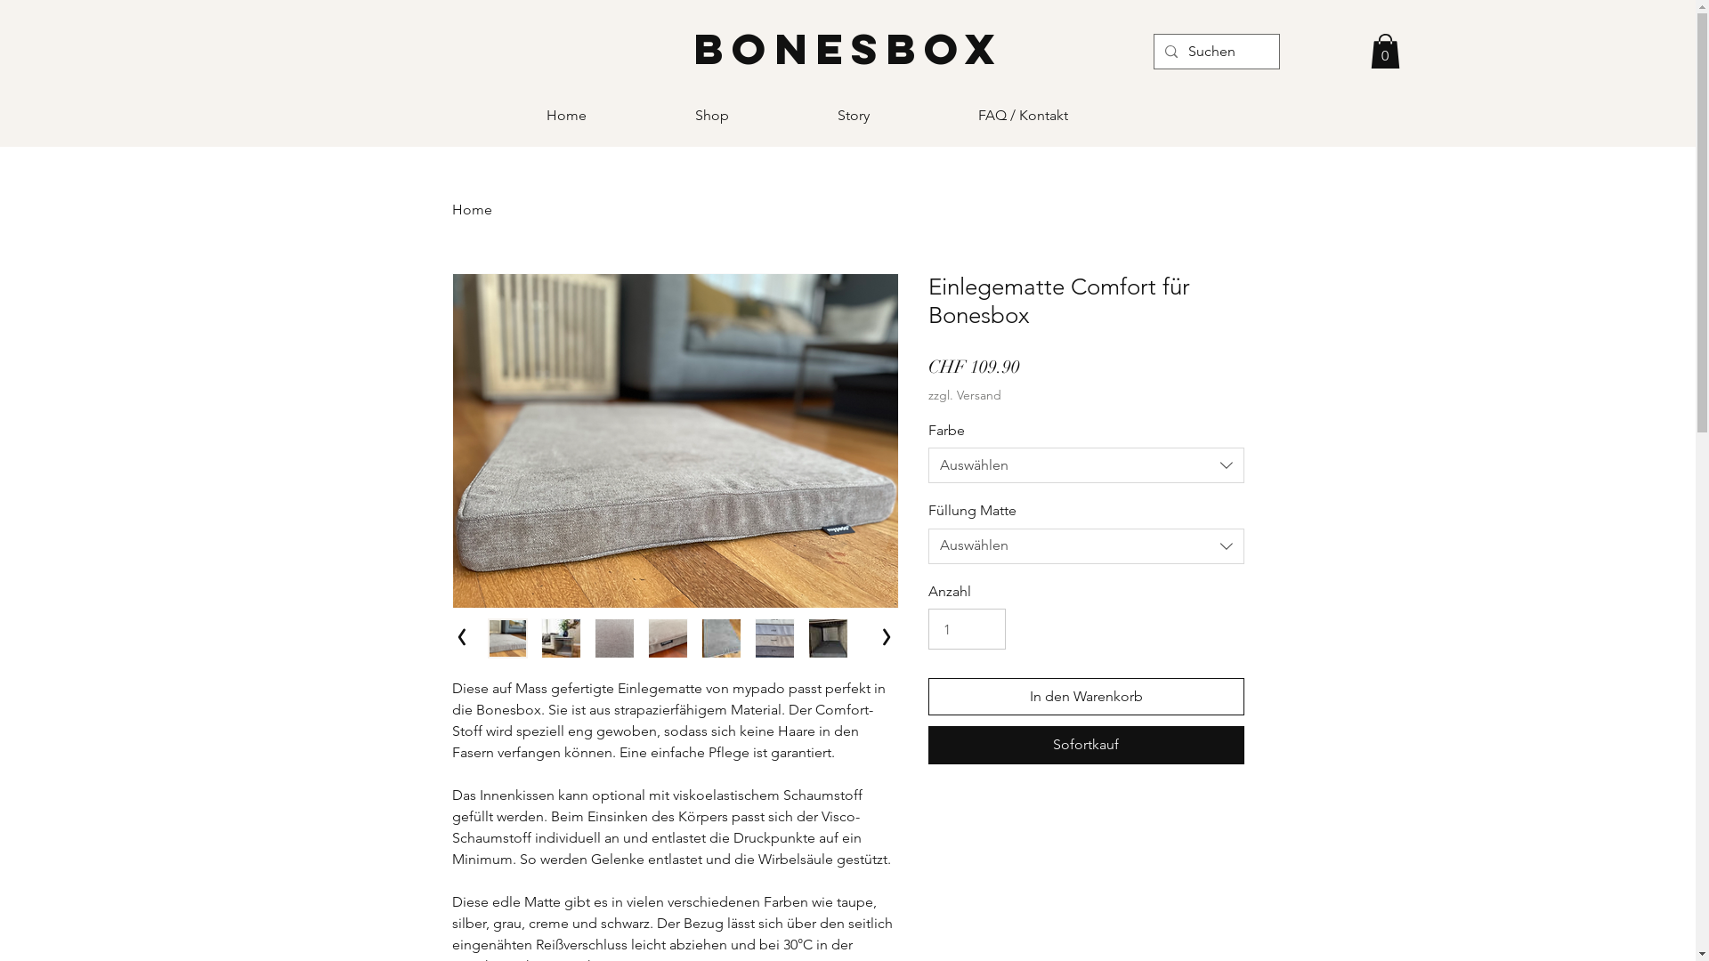 This screenshot has width=1709, height=961. I want to click on '0', so click(1384, 50).